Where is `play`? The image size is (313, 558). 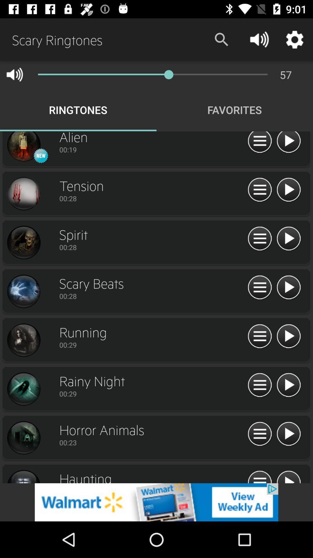
play is located at coordinates (288, 287).